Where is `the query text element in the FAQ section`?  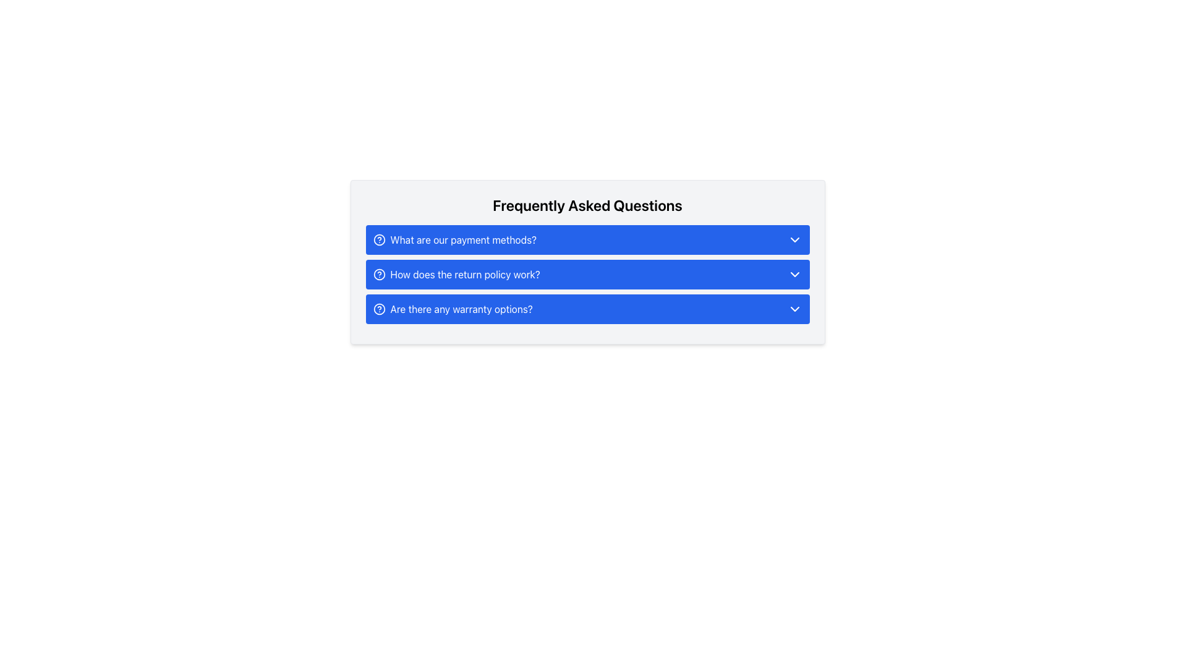
the query text element in the FAQ section is located at coordinates (454, 240).